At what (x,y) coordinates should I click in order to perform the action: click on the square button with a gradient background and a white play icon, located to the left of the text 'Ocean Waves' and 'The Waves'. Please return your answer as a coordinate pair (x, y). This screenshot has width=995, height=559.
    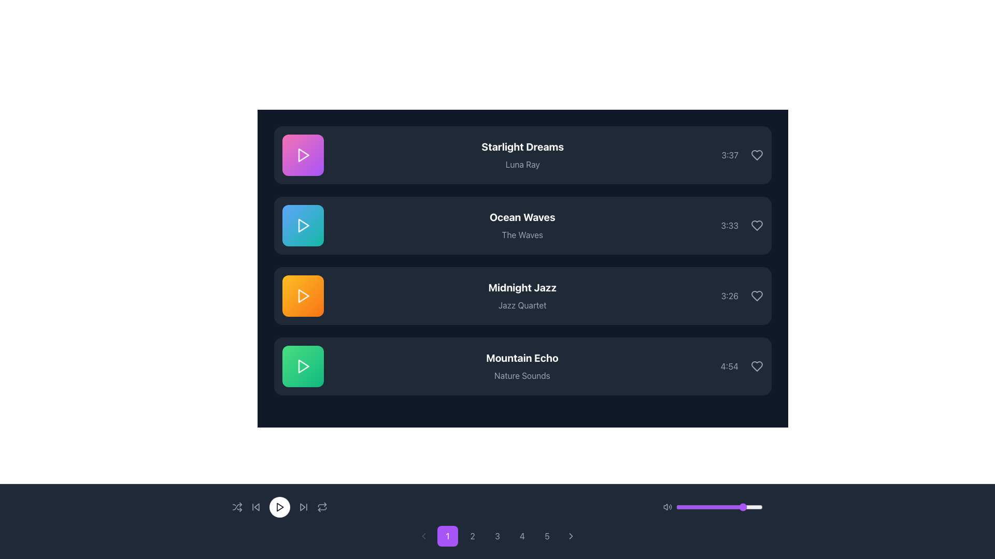
    Looking at the image, I should click on (303, 225).